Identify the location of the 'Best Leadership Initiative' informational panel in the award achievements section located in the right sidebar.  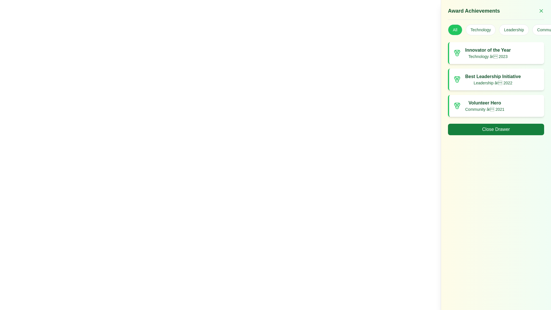
(496, 80).